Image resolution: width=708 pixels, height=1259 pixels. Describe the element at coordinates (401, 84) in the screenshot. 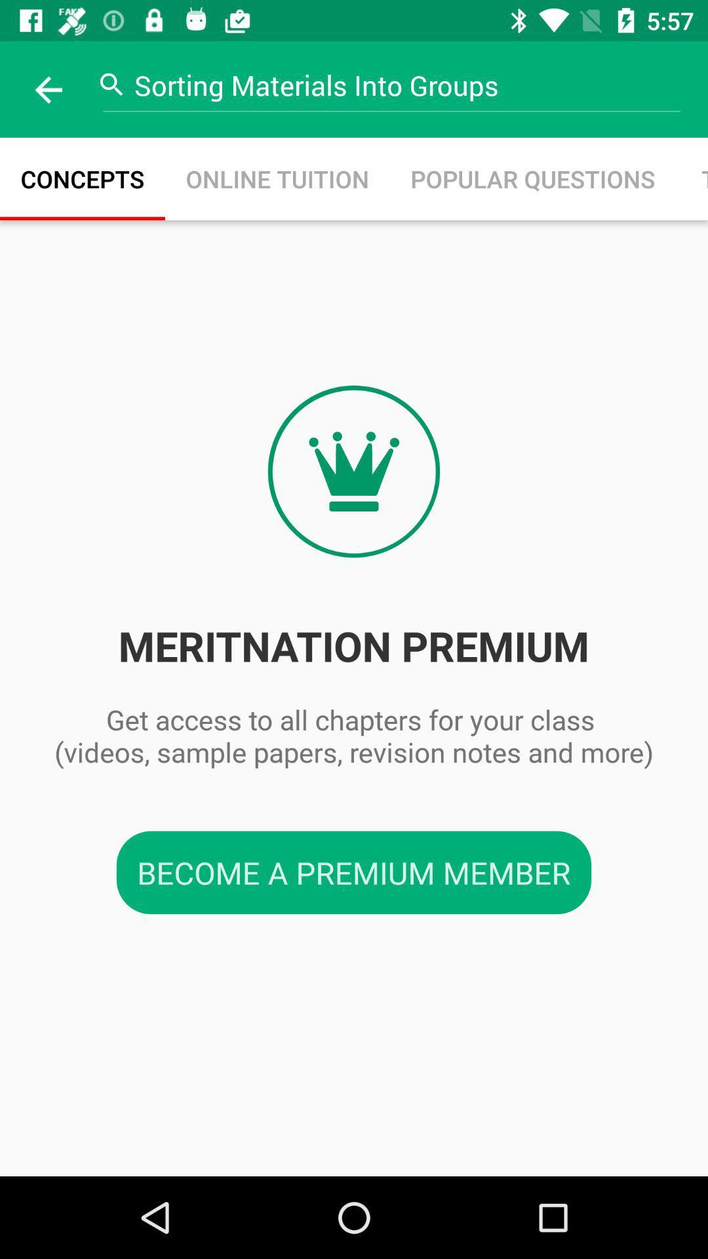

I see `the sorting materials into icon` at that location.